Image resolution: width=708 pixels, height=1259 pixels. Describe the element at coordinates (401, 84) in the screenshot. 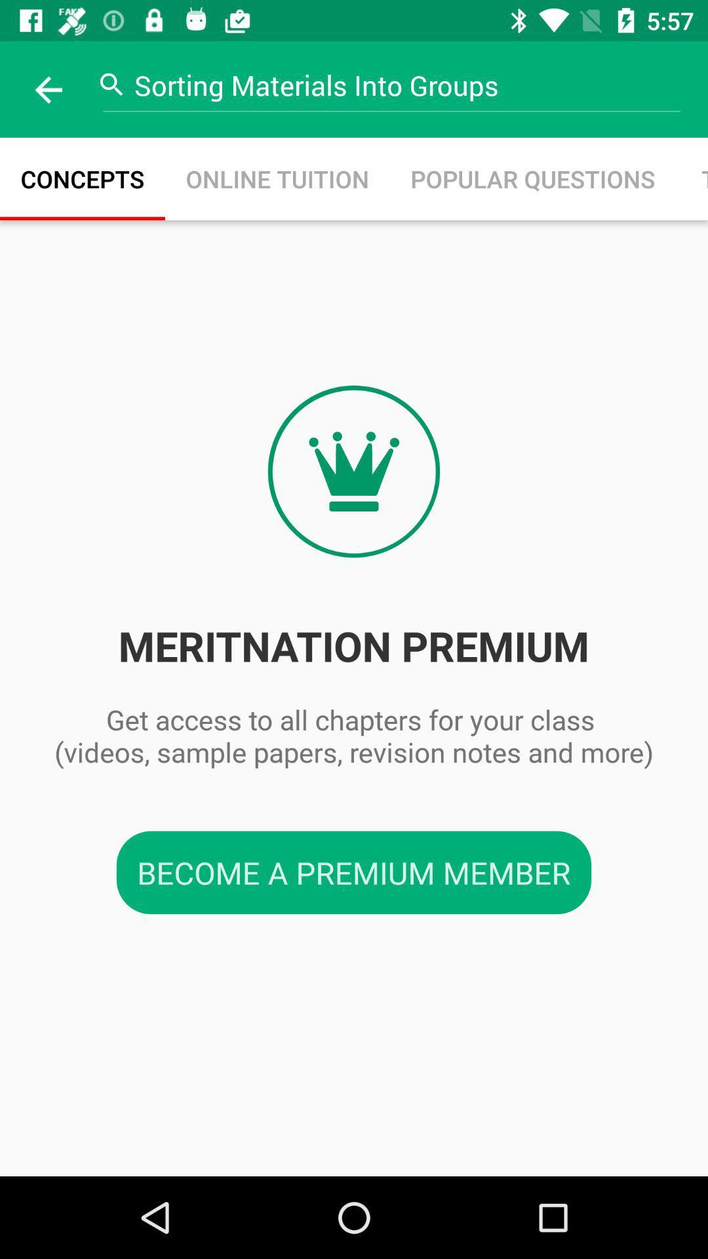

I see `the sorting materials into icon` at that location.